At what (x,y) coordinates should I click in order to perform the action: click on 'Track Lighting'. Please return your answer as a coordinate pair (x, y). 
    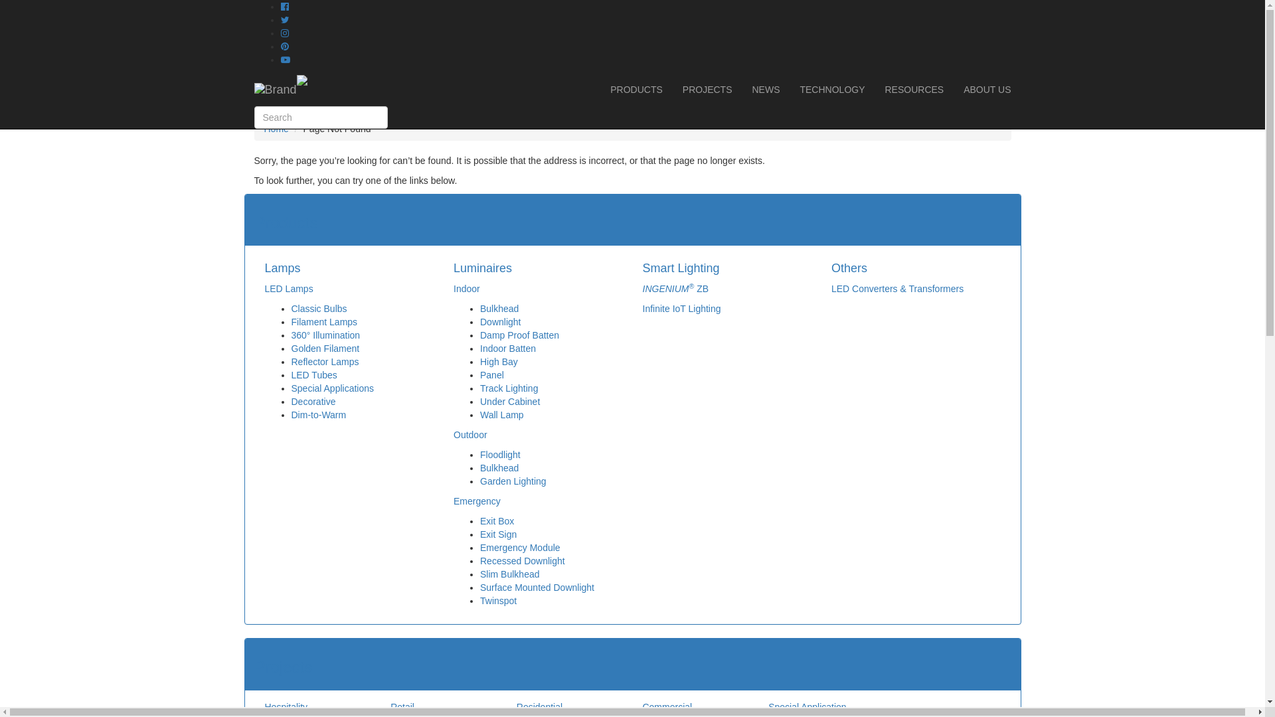
    Looking at the image, I should click on (508, 388).